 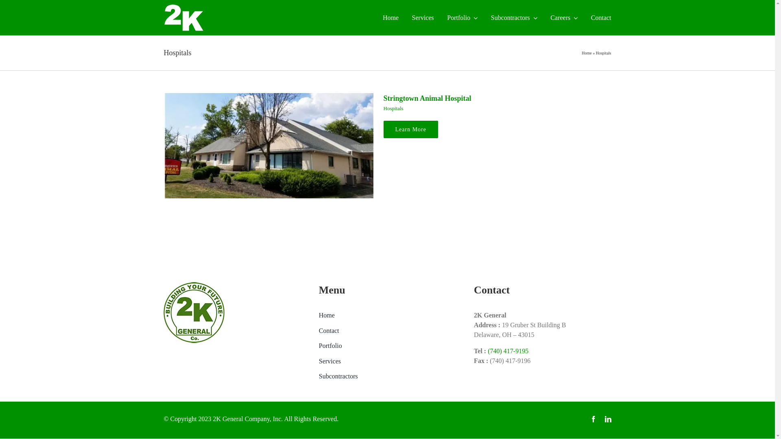 What do you see at coordinates (563, 17) in the screenshot?
I see `'Careers'` at bounding box center [563, 17].